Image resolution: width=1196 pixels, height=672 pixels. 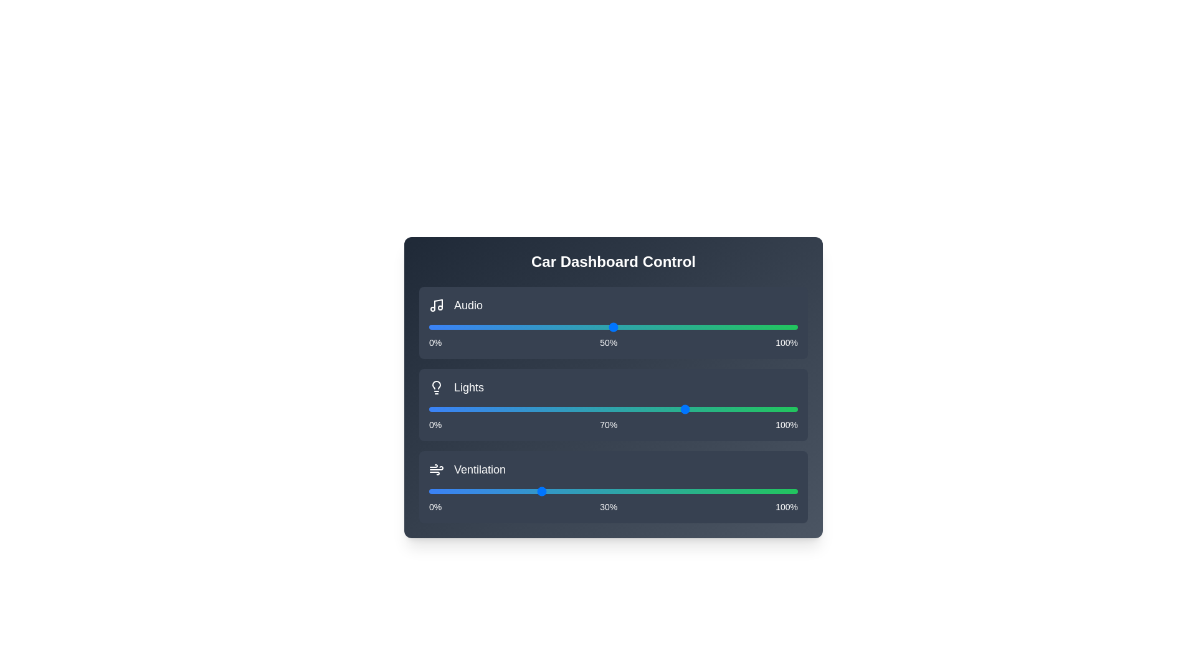 What do you see at coordinates (514, 491) in the screenshot?
I see `the ventilation slider to 23%` at bounding box center [514, 491].